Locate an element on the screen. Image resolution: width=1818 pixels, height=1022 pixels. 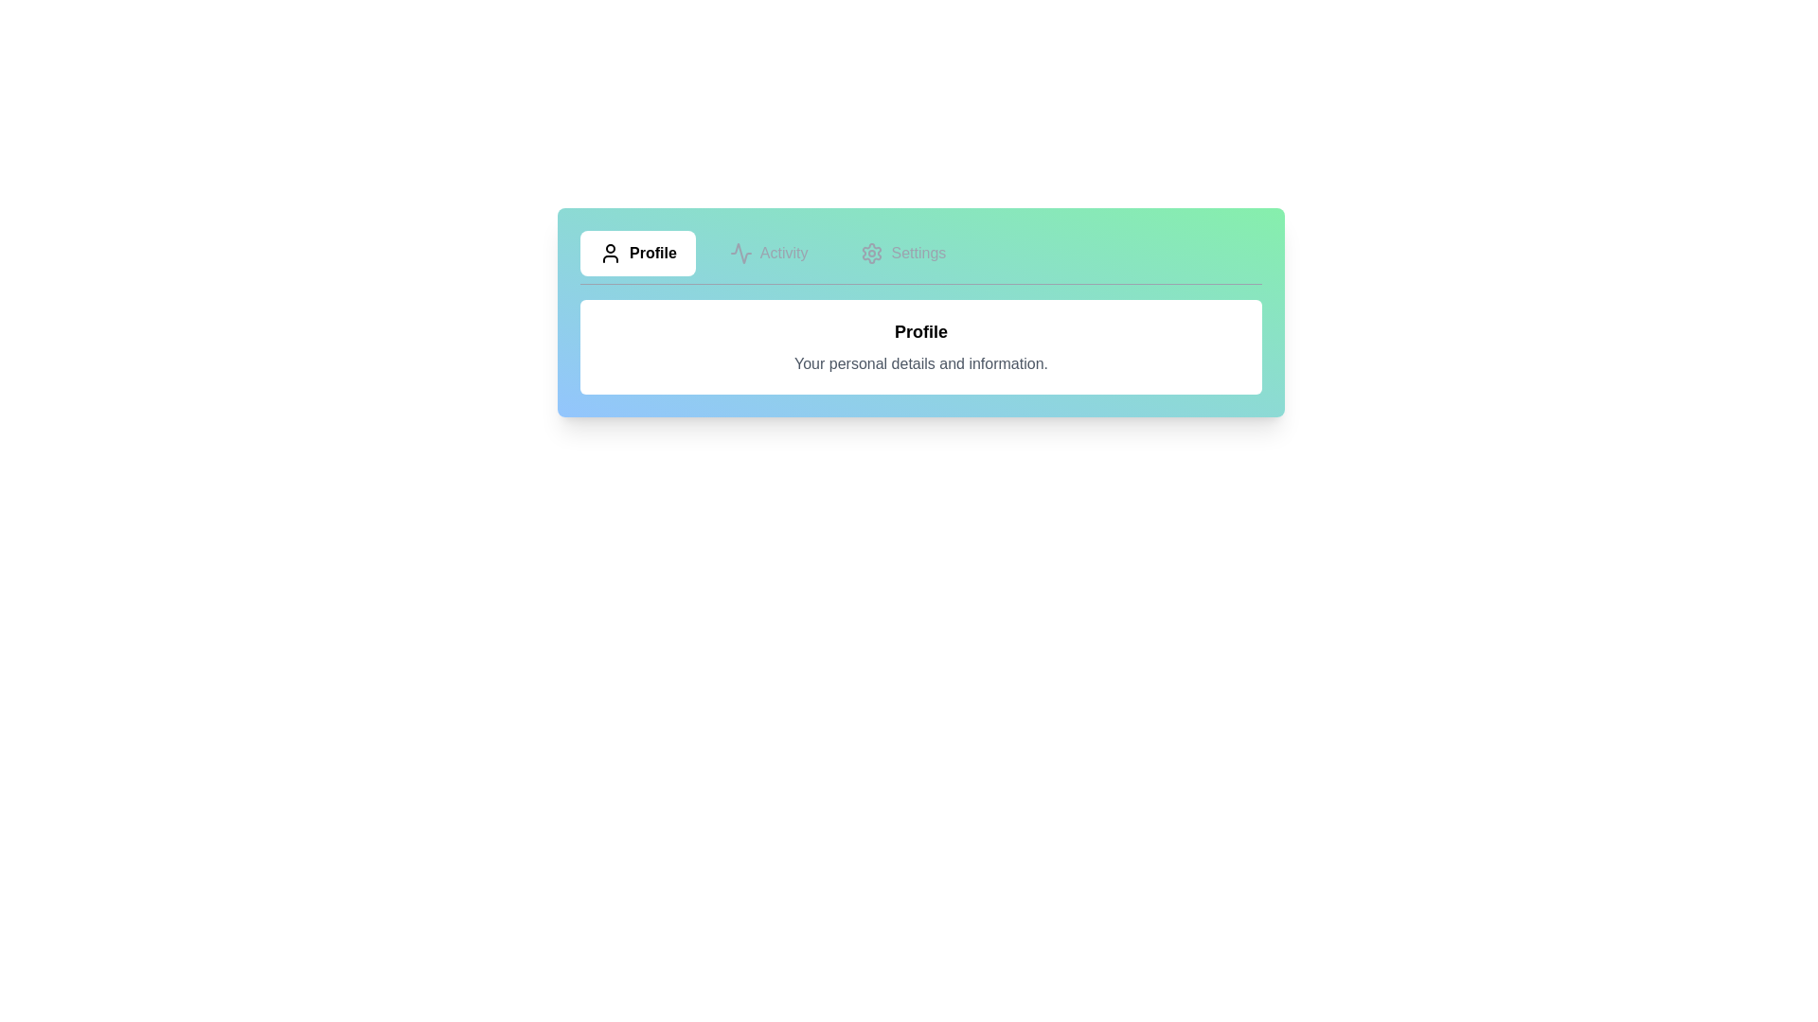
the tab labeled Activity to view its content is located at coordinates (769, 252).